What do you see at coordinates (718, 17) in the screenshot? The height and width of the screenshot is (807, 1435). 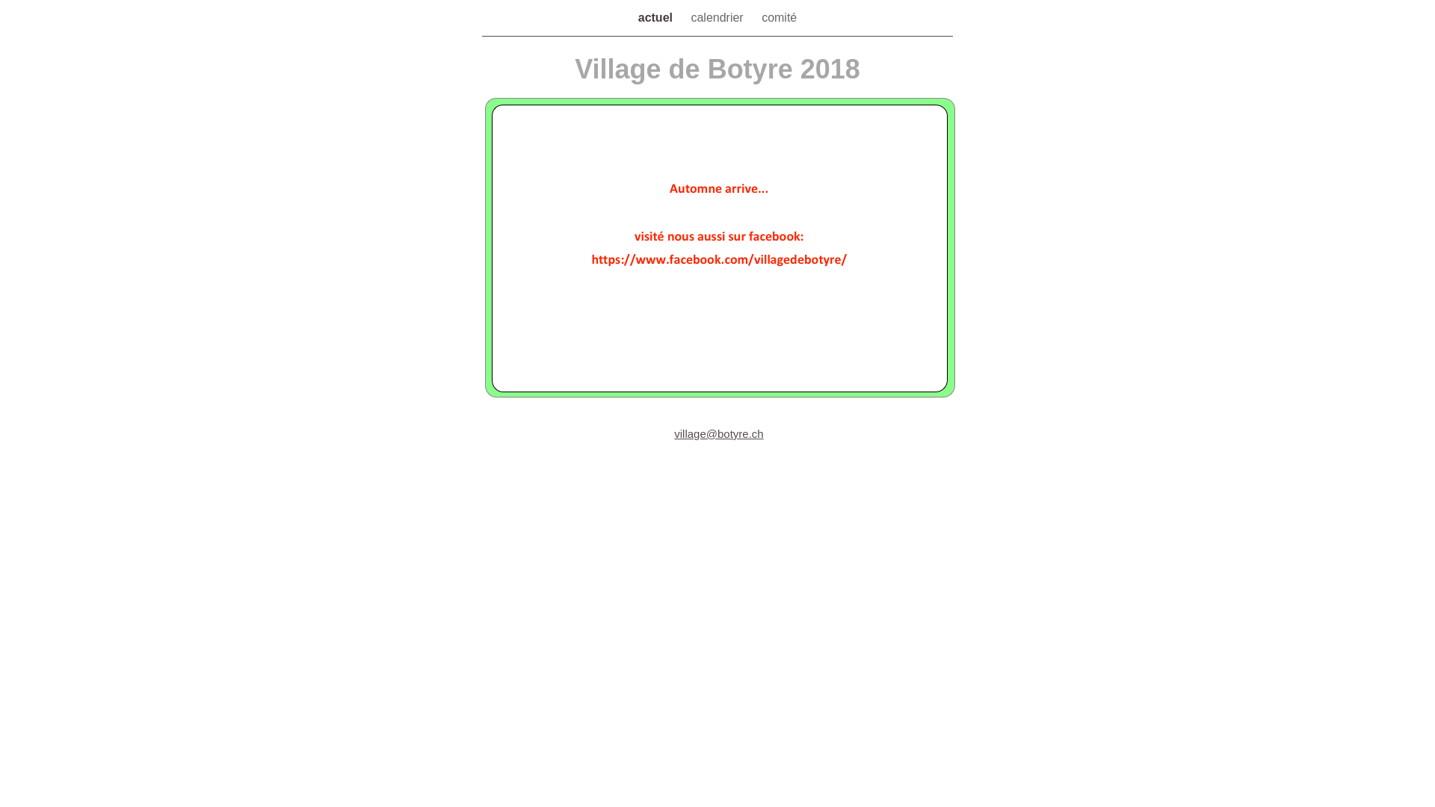 I see `'calendrier'` at bounding box center [718, 17].